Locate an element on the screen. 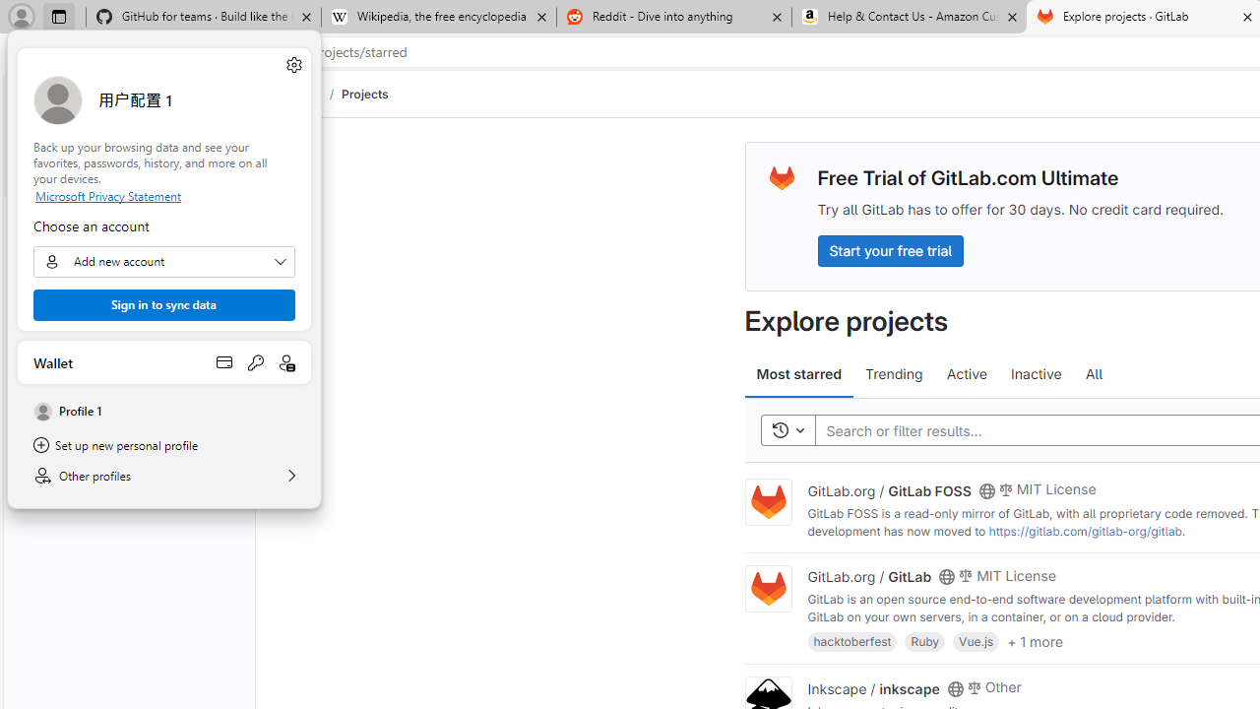 This screenshot has height=709, width=1260. 'Vue.js' is located at coordinates (976, 641).